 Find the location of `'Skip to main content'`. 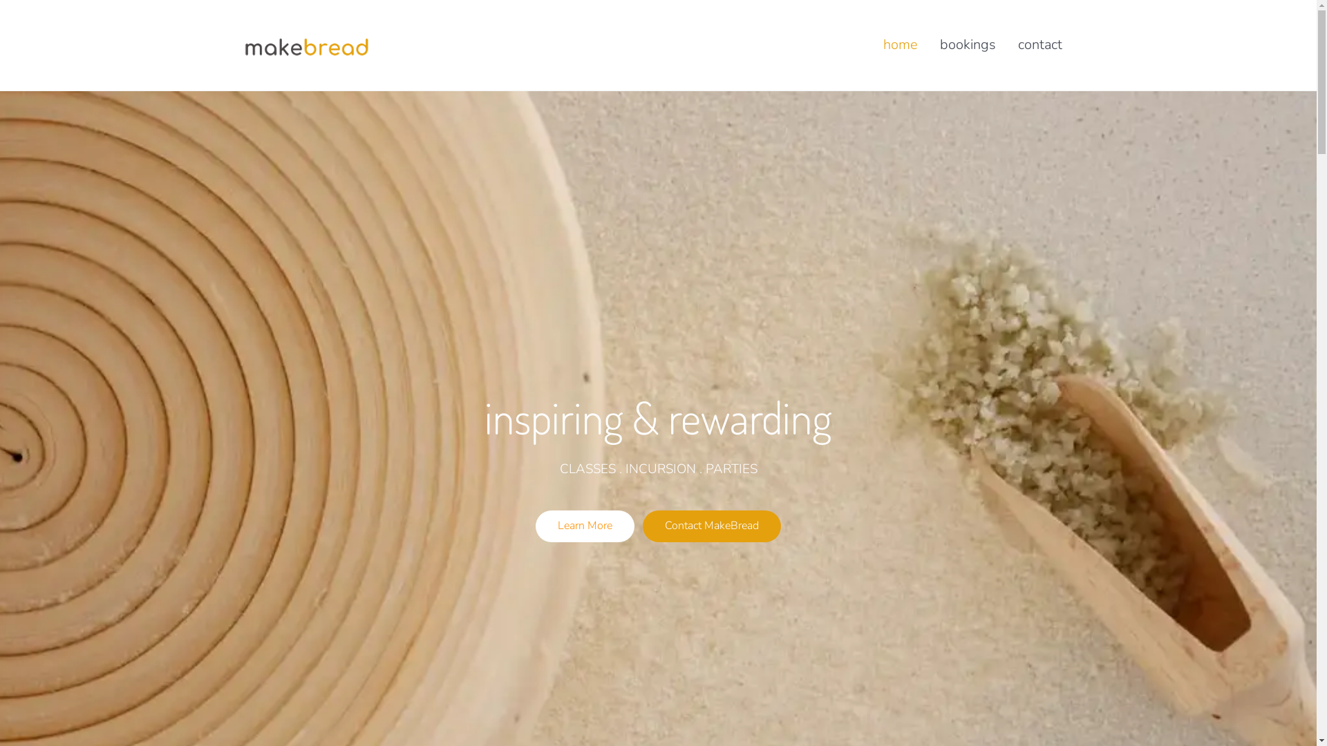

'Skip to main content' is located at coordinates (0, 0).